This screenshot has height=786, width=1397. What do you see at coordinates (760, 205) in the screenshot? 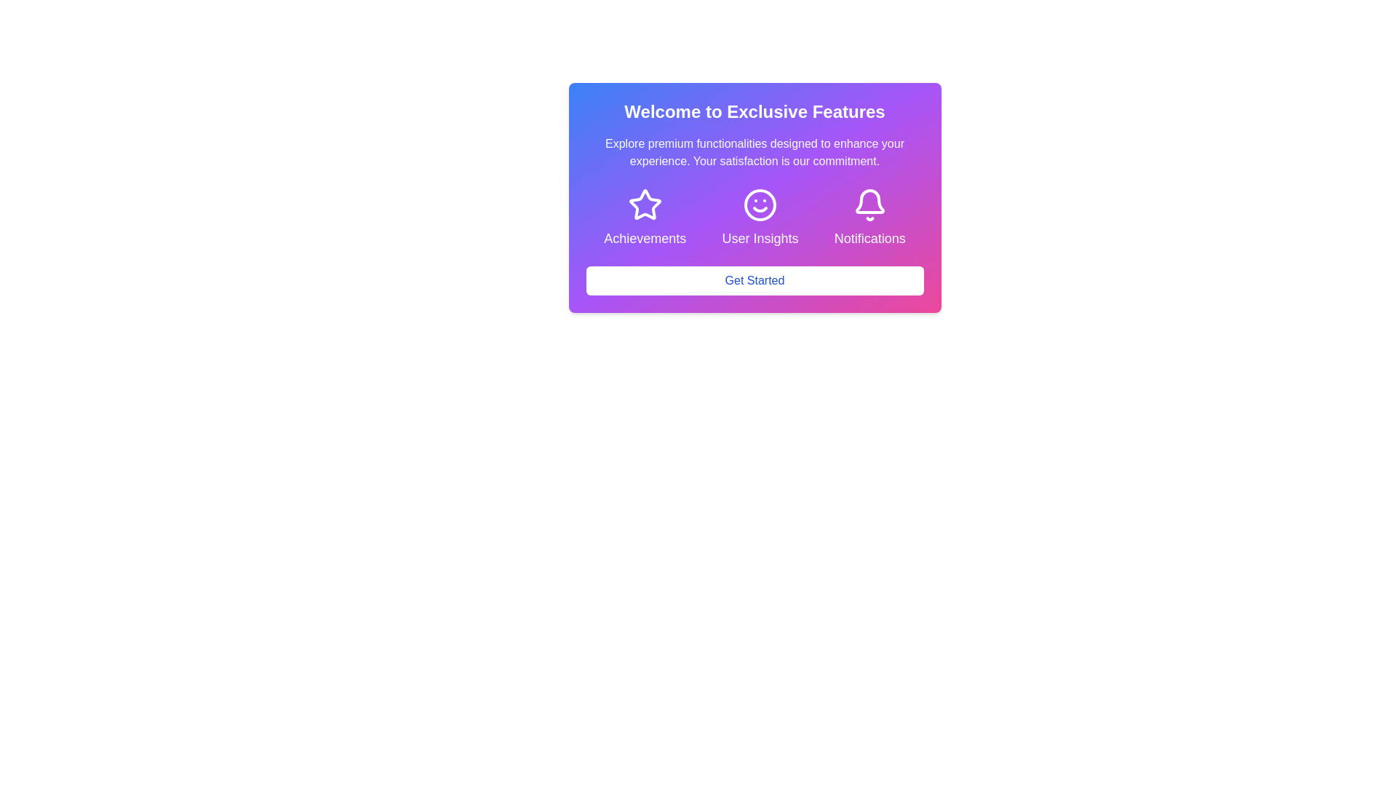
I see `the smiling face icon located in the center of the 'User Insights' section` at bounding box center [760, 205].